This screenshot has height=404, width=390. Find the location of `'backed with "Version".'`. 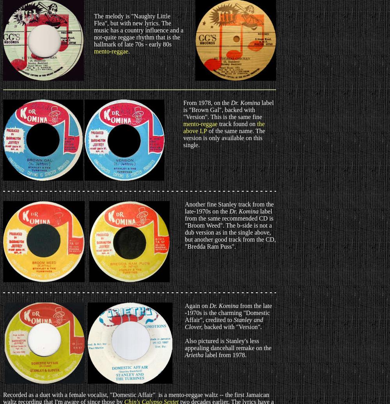

'backed with "Version".' is located at coordinates (232, 326).